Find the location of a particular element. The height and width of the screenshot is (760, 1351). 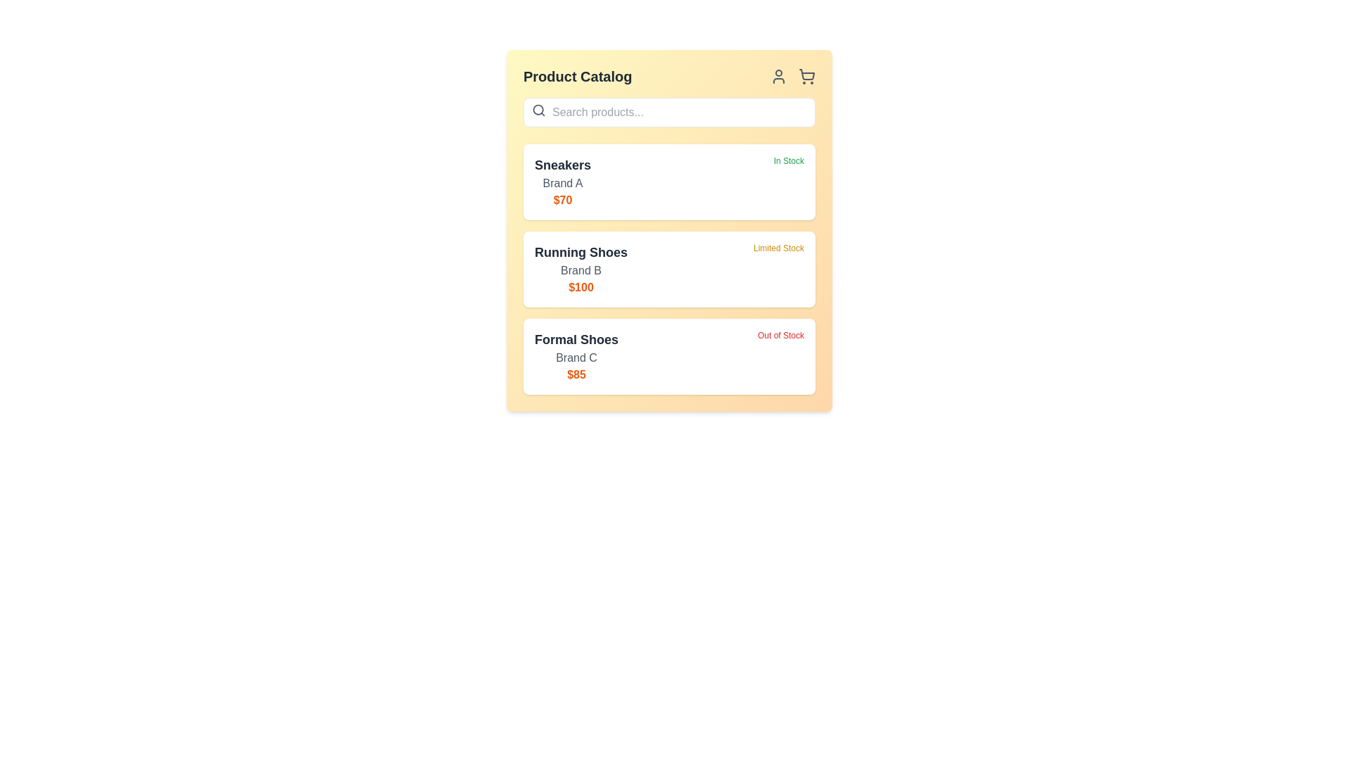

price indicator text, which is styled with bold orange text reading '$100', located below the product title 'Running Shoes' and brand information 'Brand B' in the second product entry of the list is located at coordinates (581, 286).